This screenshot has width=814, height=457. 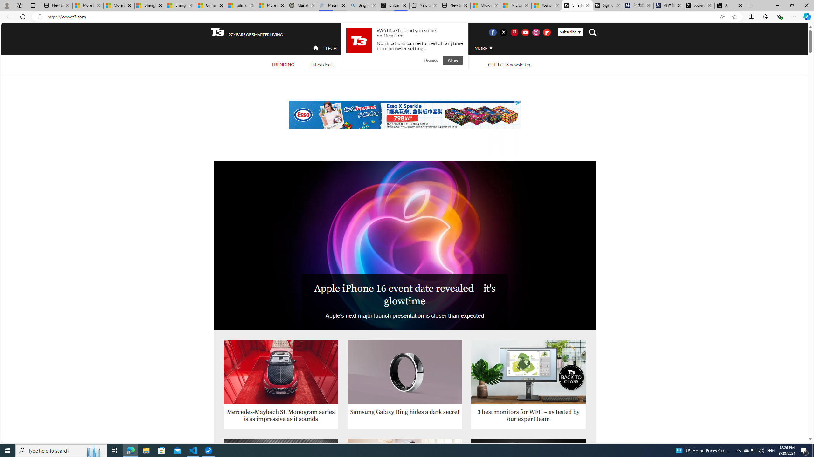 I want to click on 'Allow', so click(x=452, y=60).